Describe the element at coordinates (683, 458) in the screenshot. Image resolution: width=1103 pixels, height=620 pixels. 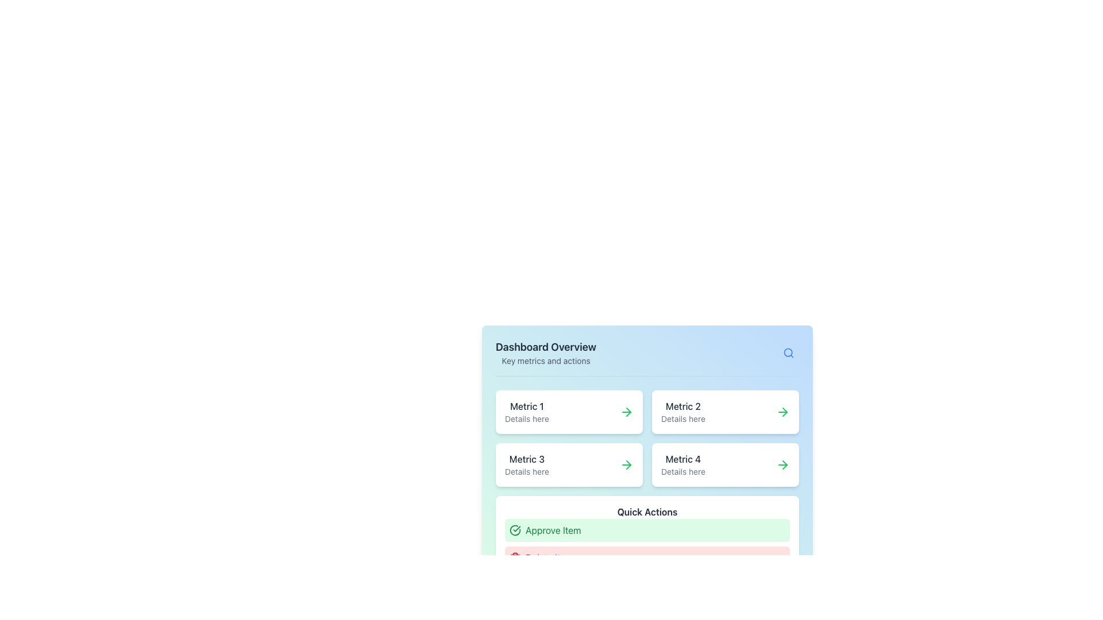
I see `the text label displaying 'Metric 4', which is styled in medium font weight and dark gray color, located in the second row and second column of the grid under 'Dashboard Overview'` at that location.